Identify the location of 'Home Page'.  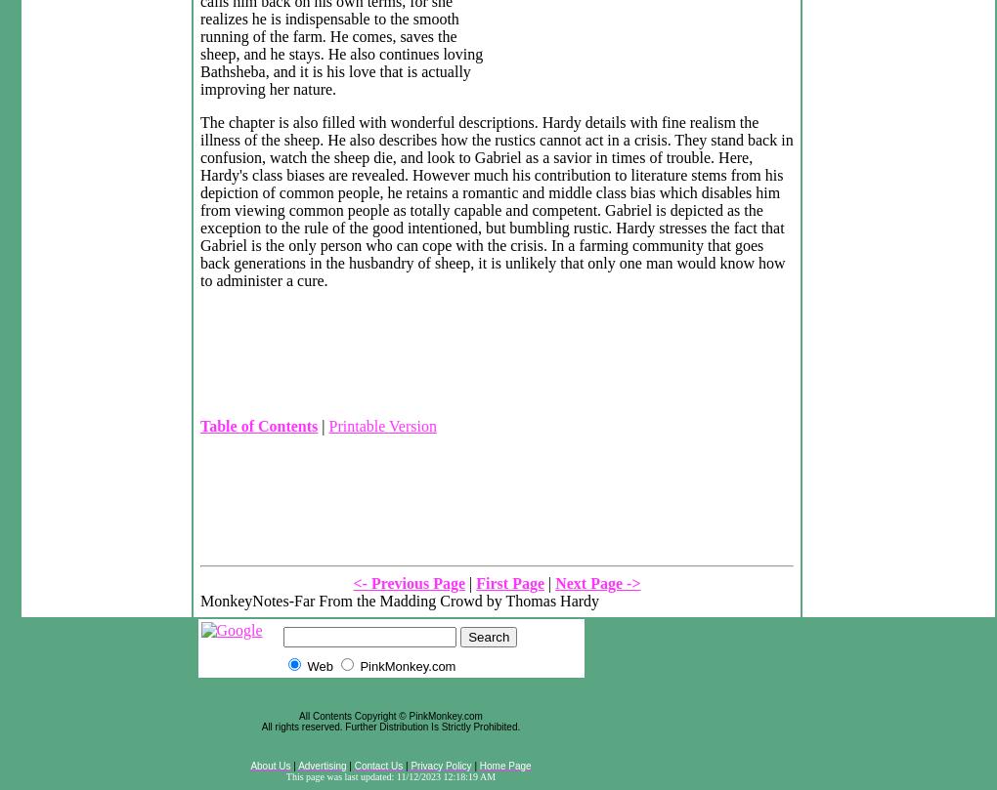
(503, 765).